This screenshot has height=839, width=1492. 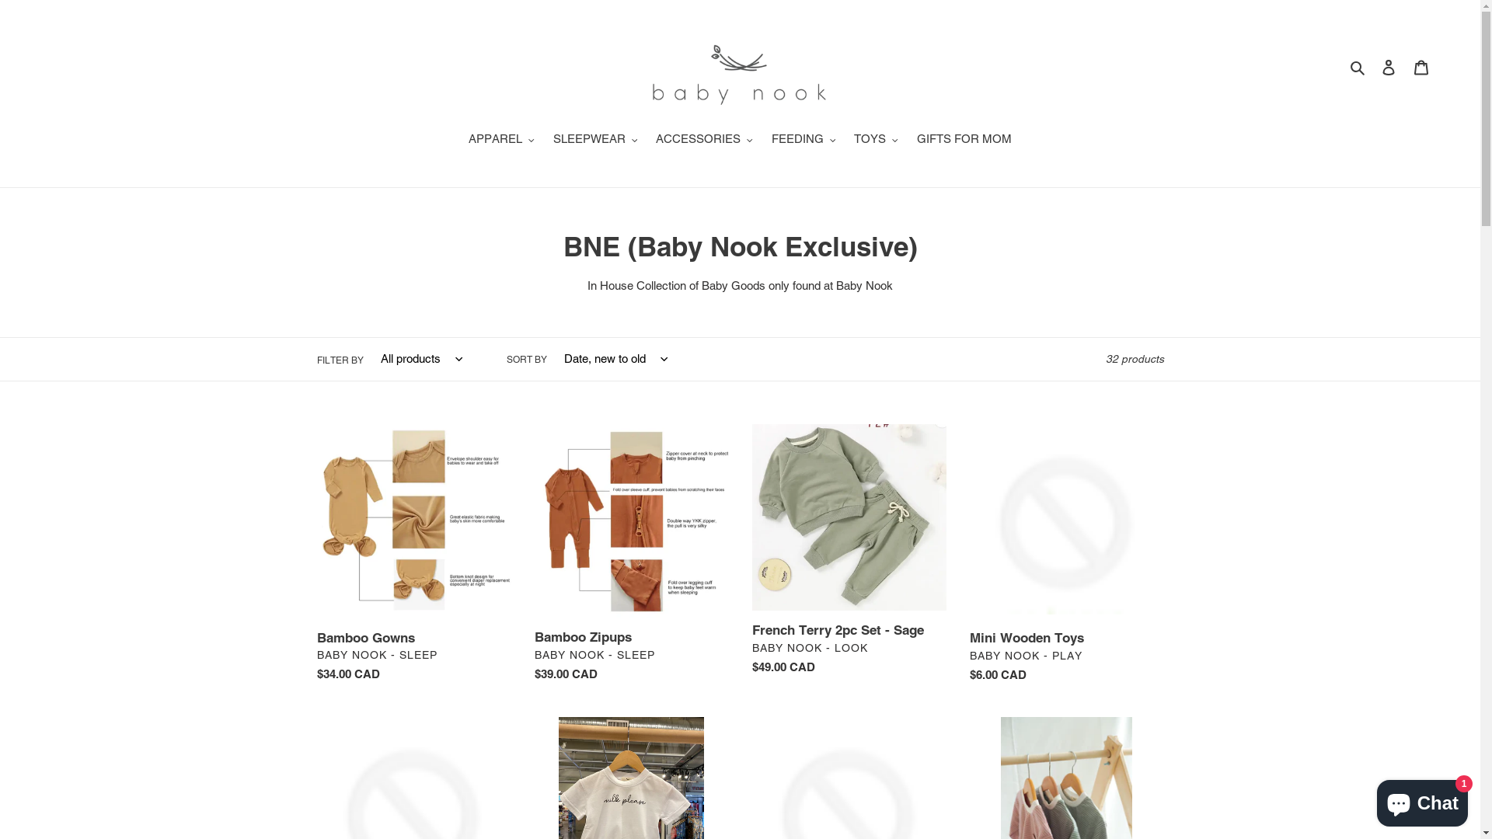 What do you see at coordinates (631, 555) in the screenshot?
I see `'Bamboo Zipups'` at bounding box center [631, 555].